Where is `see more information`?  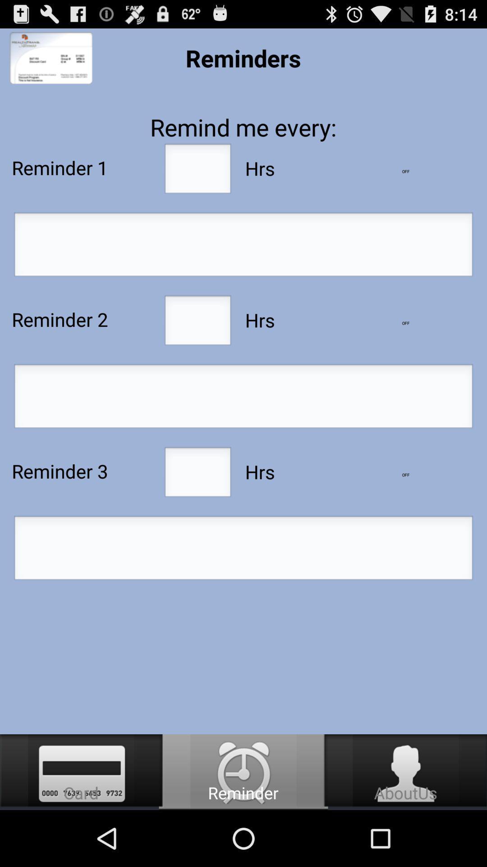
see more information is located at coordinates (405, 474).